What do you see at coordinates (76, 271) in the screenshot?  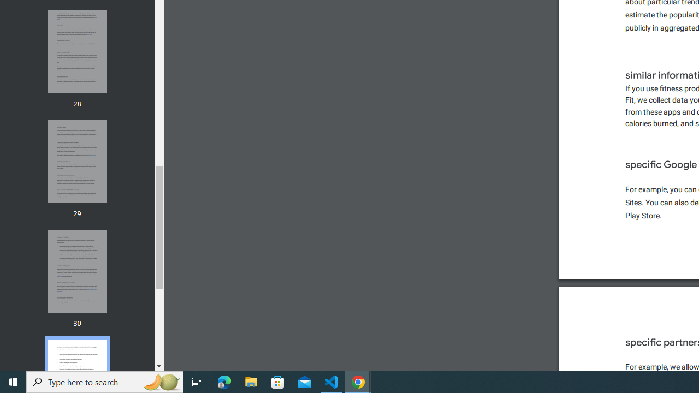 I see `'Thumbnail for page 30'` at bounding box center [76, 271].